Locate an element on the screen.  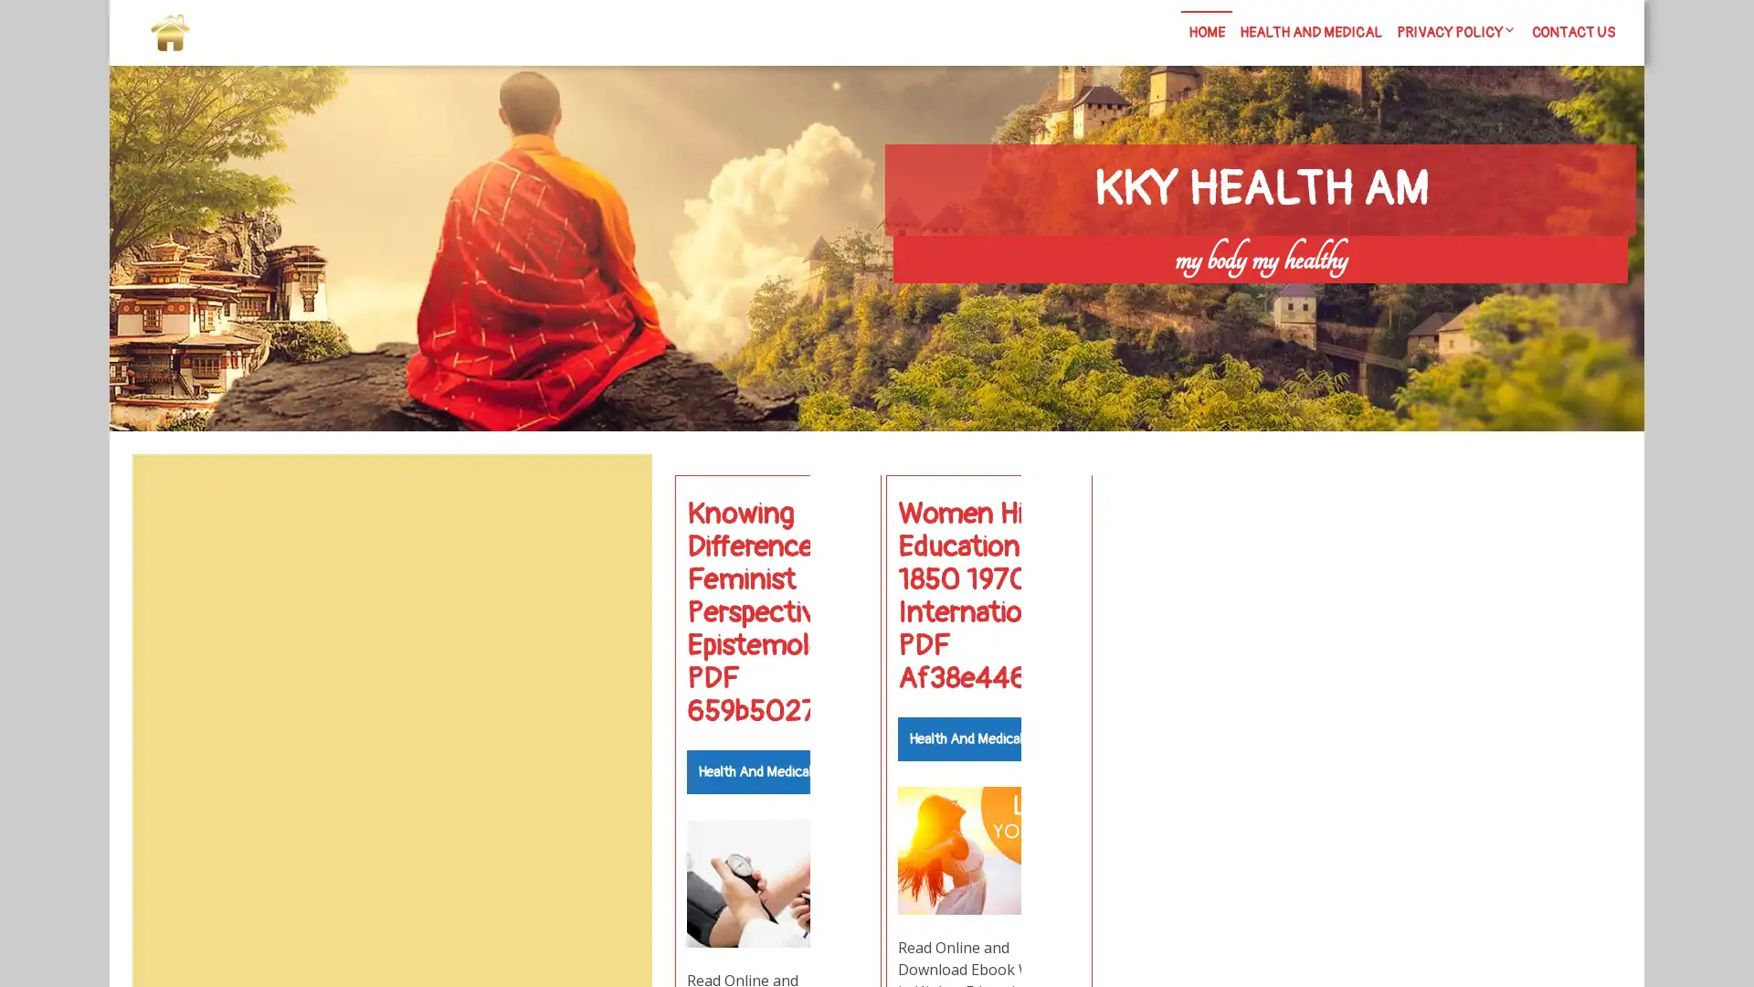
Search is located at coordinates (609, 498).